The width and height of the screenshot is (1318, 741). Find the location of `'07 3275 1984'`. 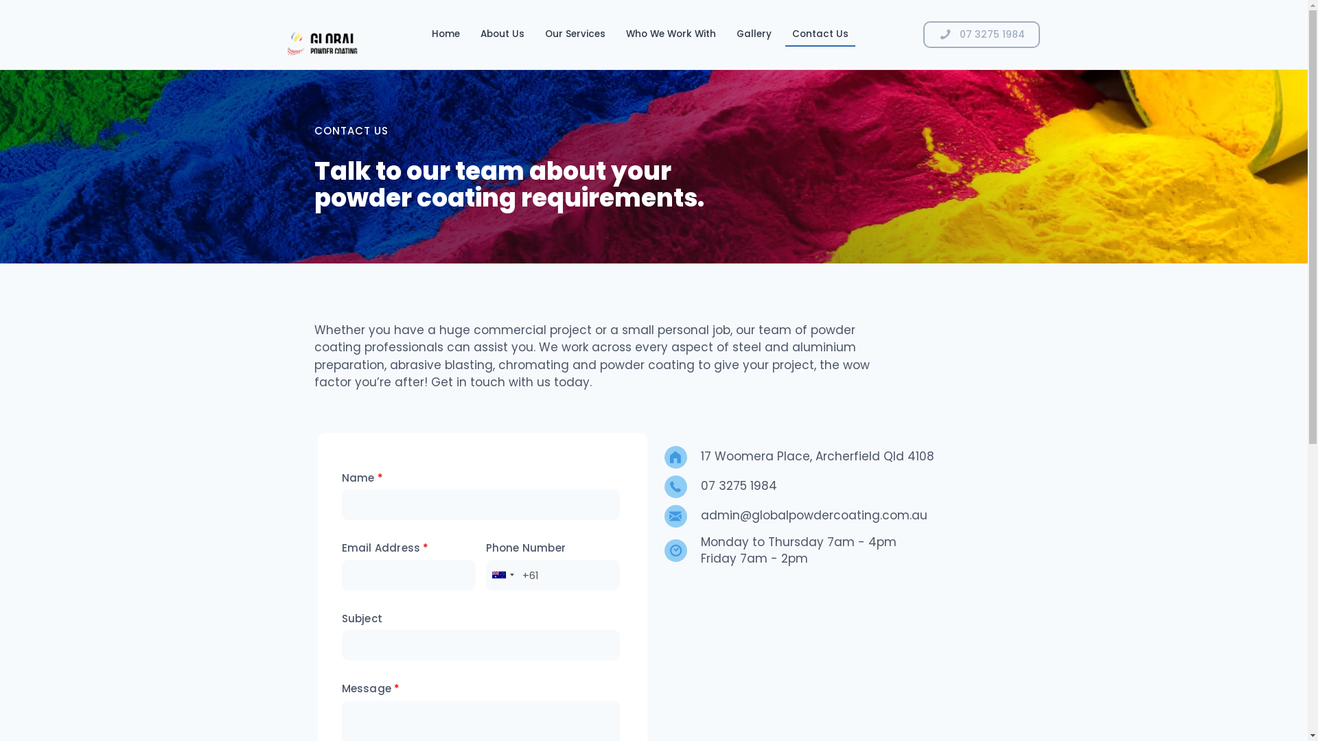

'07 3275 1984' is located at coordinates (700, 485).